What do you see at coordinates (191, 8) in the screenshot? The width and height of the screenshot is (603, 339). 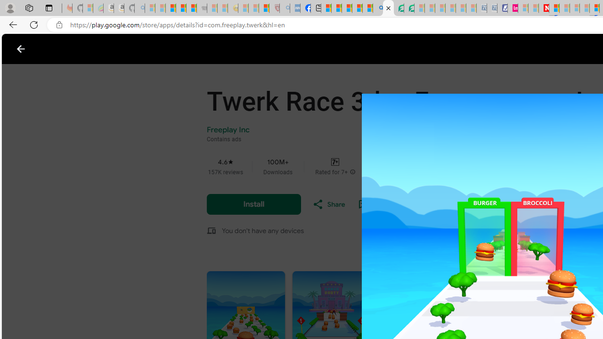 I see `'New Report Confirms 2023 Was Record Hot | Watch'` at bounding box center [191, 8].